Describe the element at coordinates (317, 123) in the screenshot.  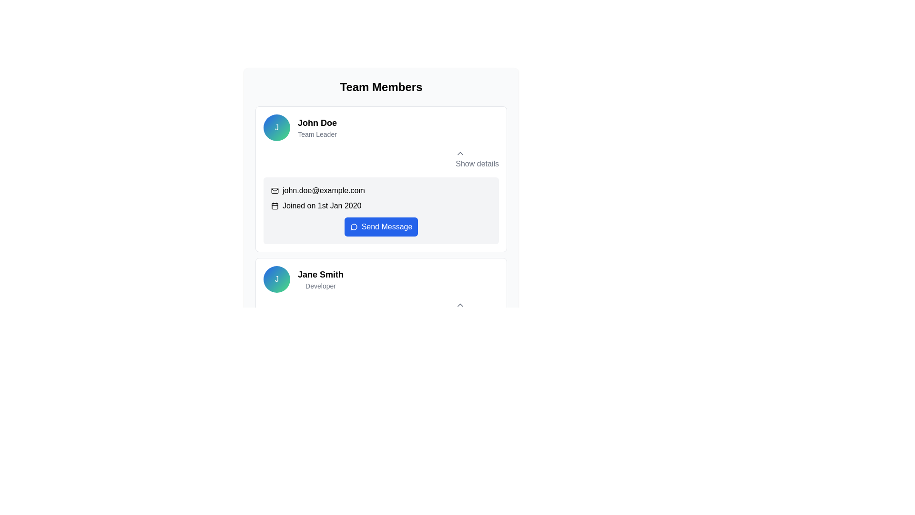
I see `the static text label 'John Doe' located in the upper-left section of the card layout, above the label 'Team Leader' and aligned with the avatar icon` at that location.